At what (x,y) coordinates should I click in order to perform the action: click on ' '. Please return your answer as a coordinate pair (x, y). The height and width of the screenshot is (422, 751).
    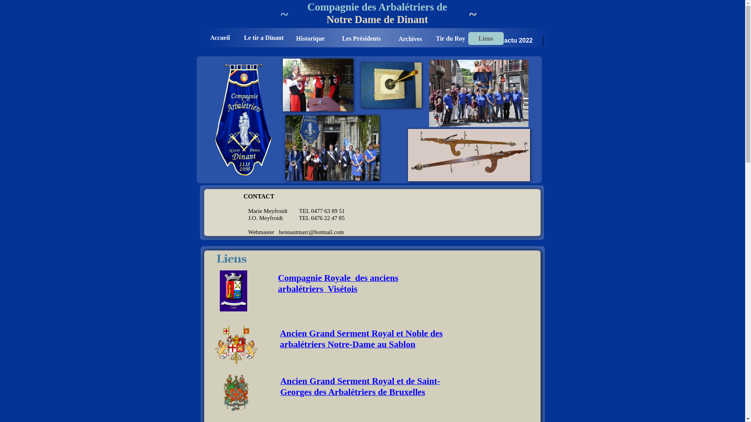
    Looking at the image, I should click on (197, 4).